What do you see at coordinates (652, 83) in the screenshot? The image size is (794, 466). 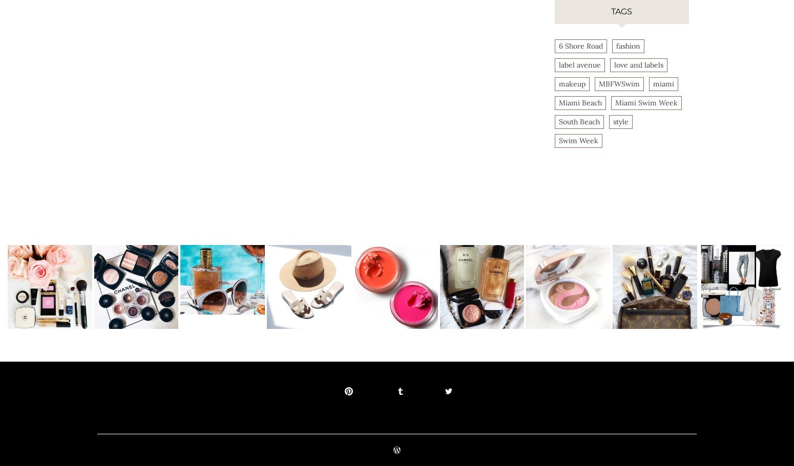 I see `'miami'` at bounding box center [652, 83].